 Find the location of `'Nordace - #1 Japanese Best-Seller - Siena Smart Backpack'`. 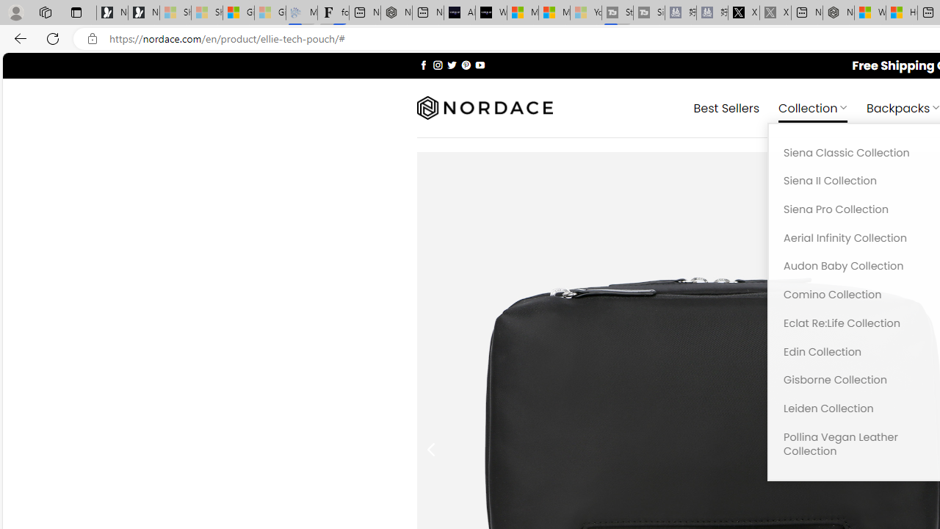

'Nordace - #1 Japanese Best-Seller - Siena Smart Backpack' is located at coordinates (396, 12).